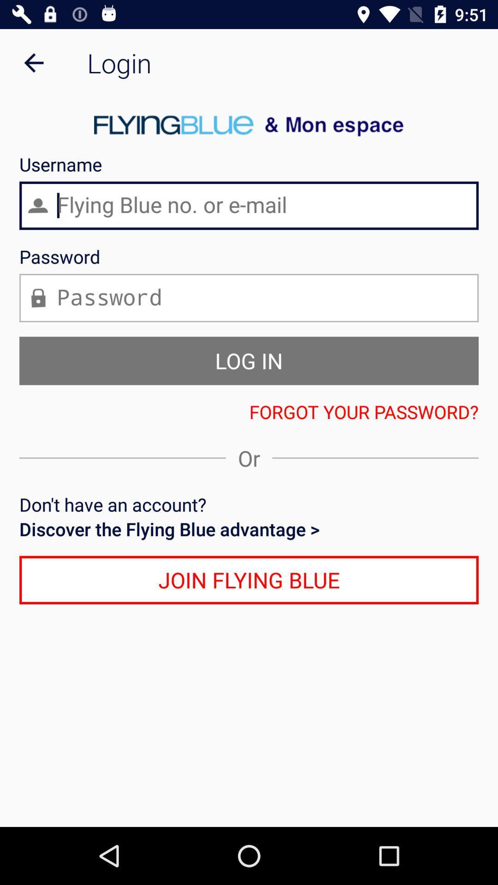 This screenshot has height=885, width=498. I want to click on the item above the username icon, so click(33, 62).